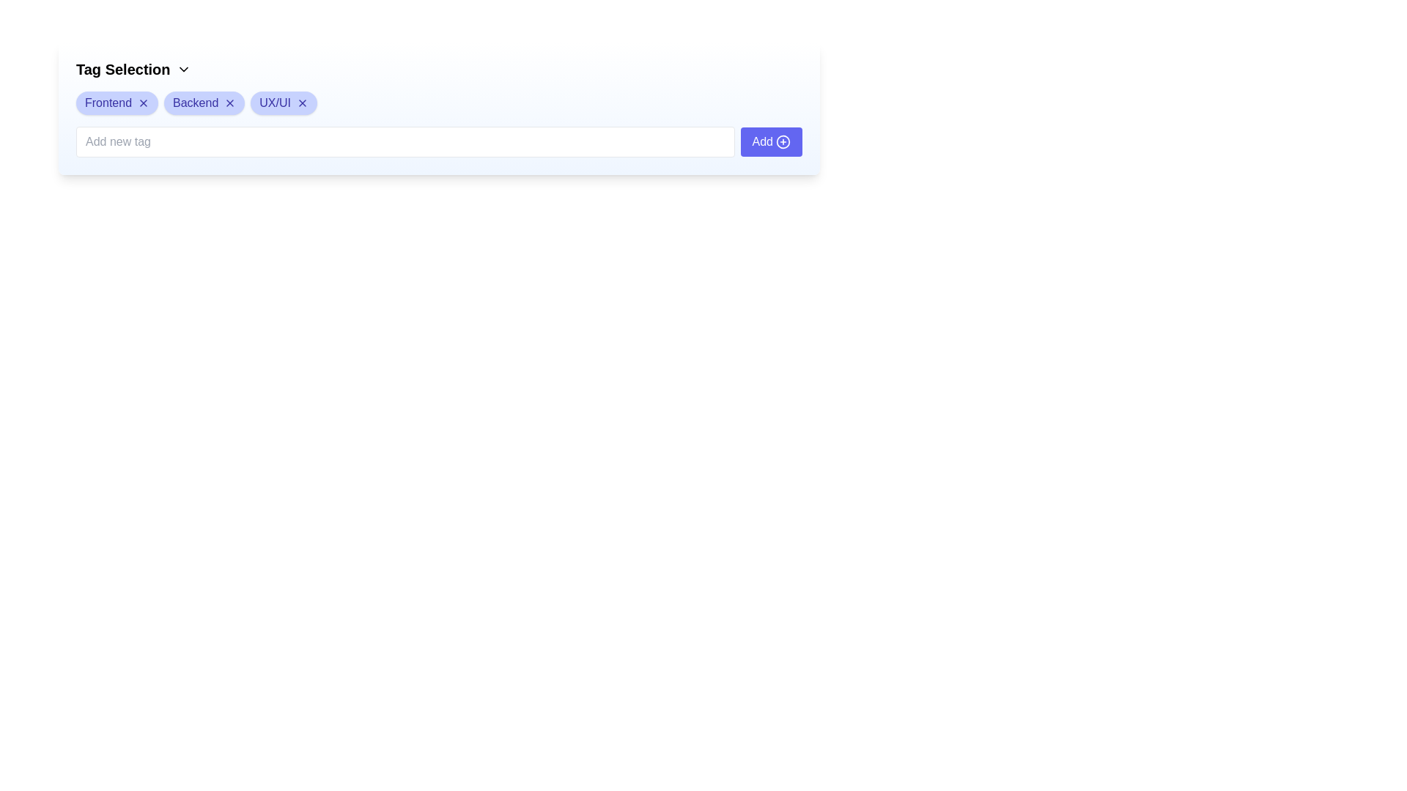  Describe the element at coordinates (783, 141) in the screenshot. I see `the circular icon with a '+' symbol, which has a blue outline and is located to the right of the 'Add' button` at that location.